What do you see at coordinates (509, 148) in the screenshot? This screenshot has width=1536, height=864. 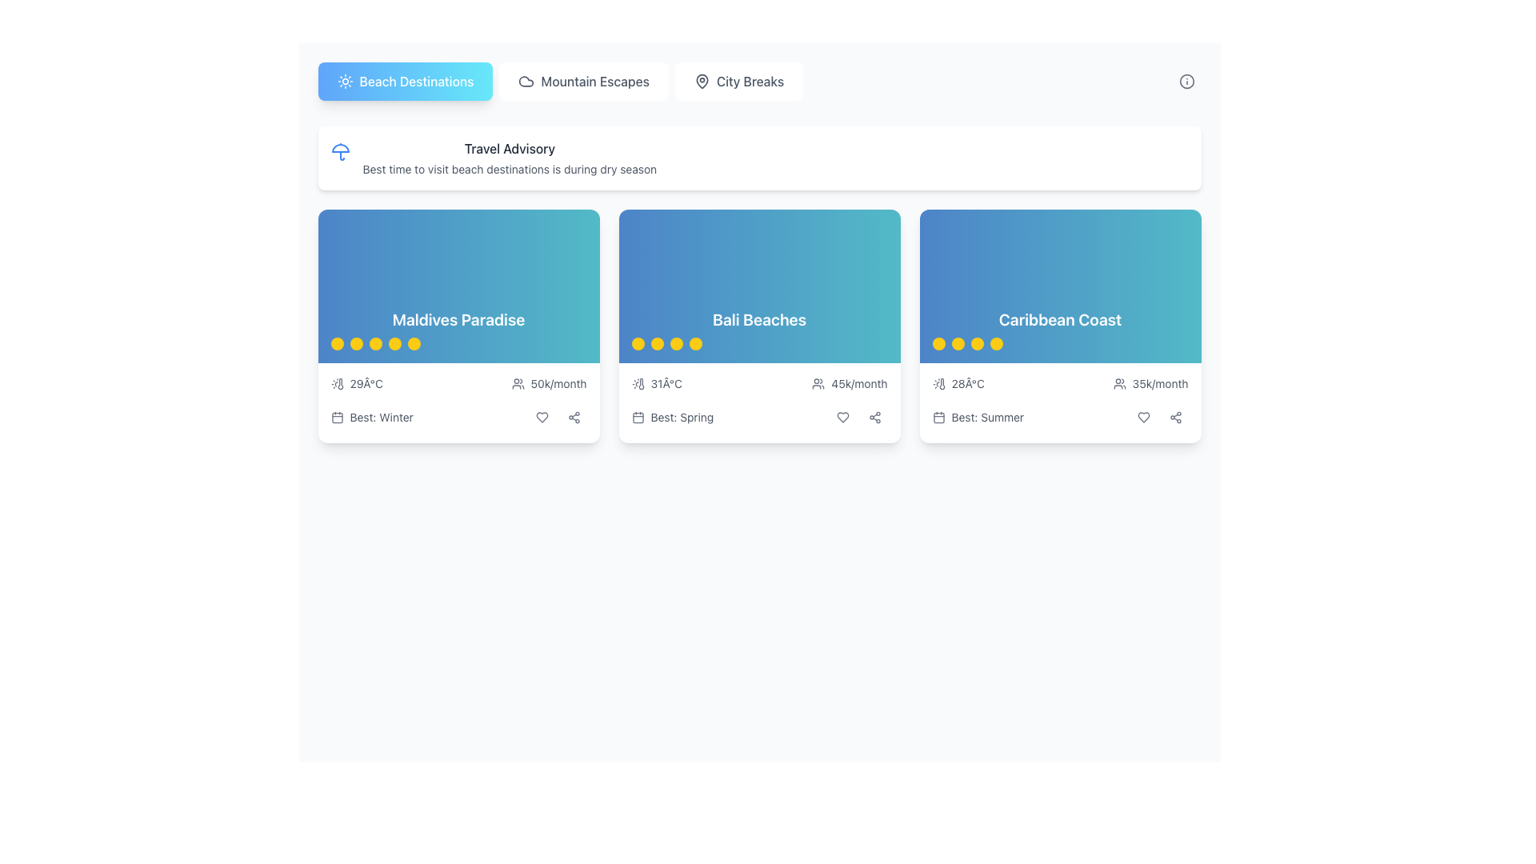 I see `the label that serves as the title for travel-related information, located beneath the navigation tabs and above the description text about beach destinations` at bounding box center [509, 148].